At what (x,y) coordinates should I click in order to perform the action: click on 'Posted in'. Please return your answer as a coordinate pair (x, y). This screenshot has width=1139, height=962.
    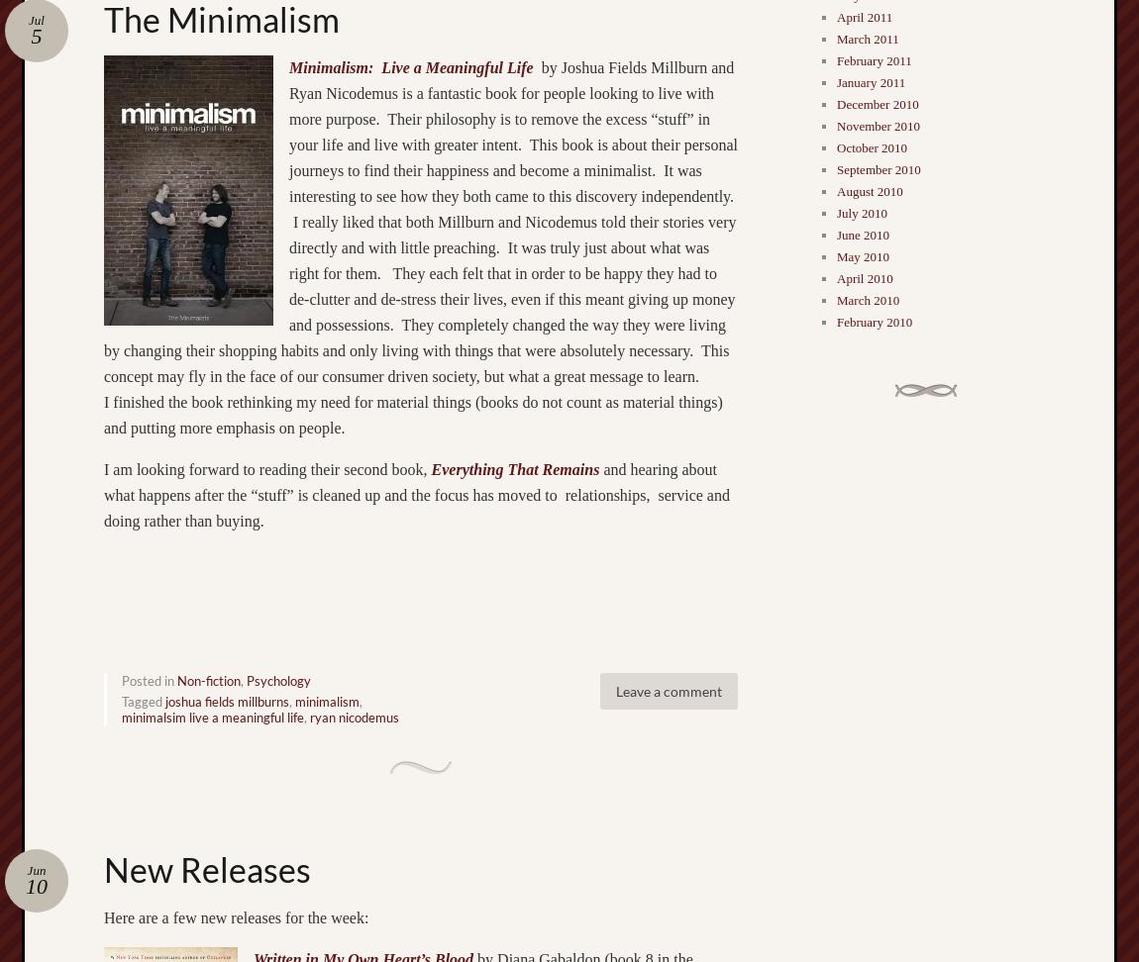
    Looking at the image, I should click on (148, 679).